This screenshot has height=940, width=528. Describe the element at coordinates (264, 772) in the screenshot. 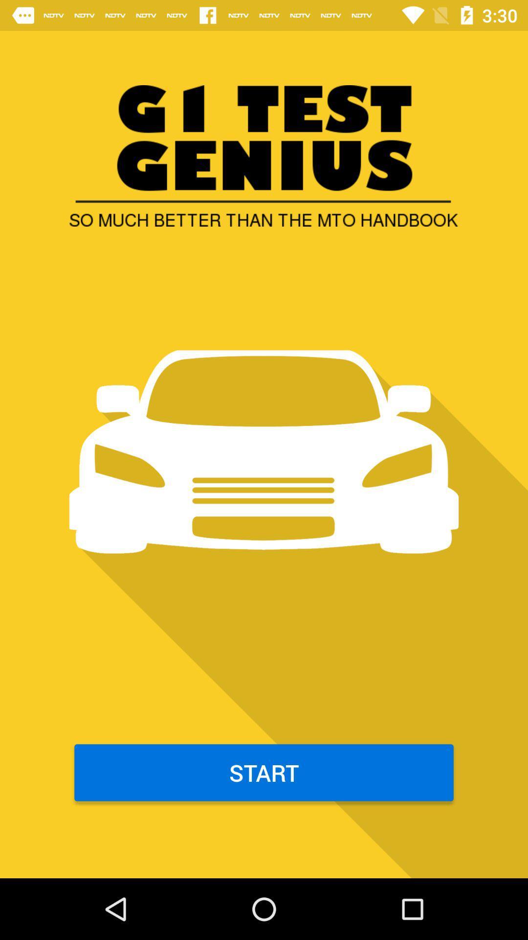

I see `the start` at that location.